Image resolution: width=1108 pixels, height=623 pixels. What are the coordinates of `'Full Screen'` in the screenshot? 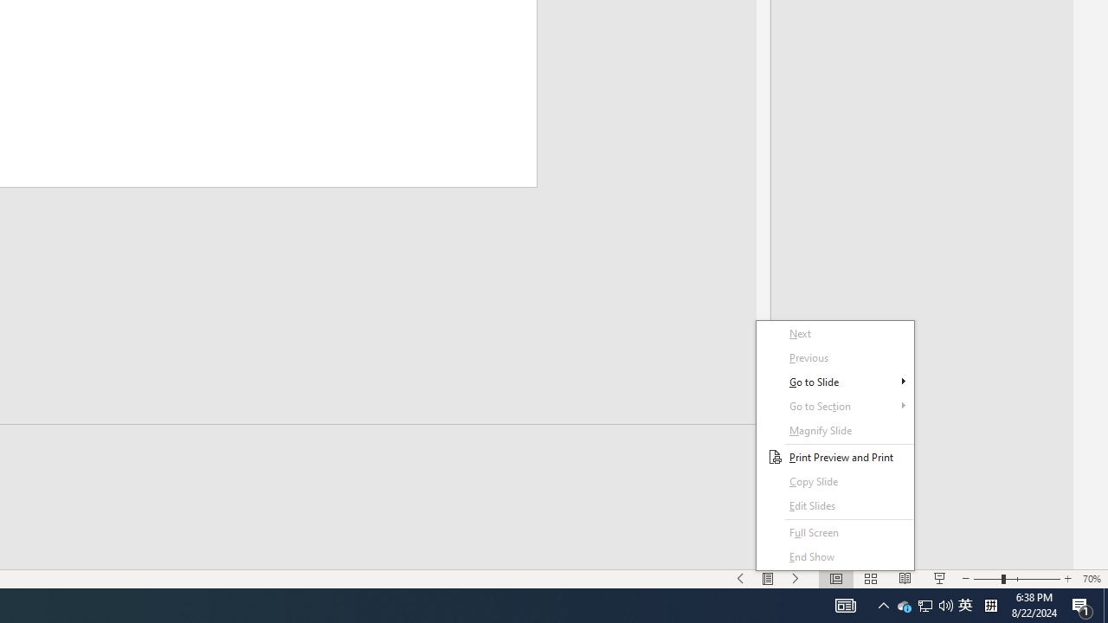 It's located at (835, 531).